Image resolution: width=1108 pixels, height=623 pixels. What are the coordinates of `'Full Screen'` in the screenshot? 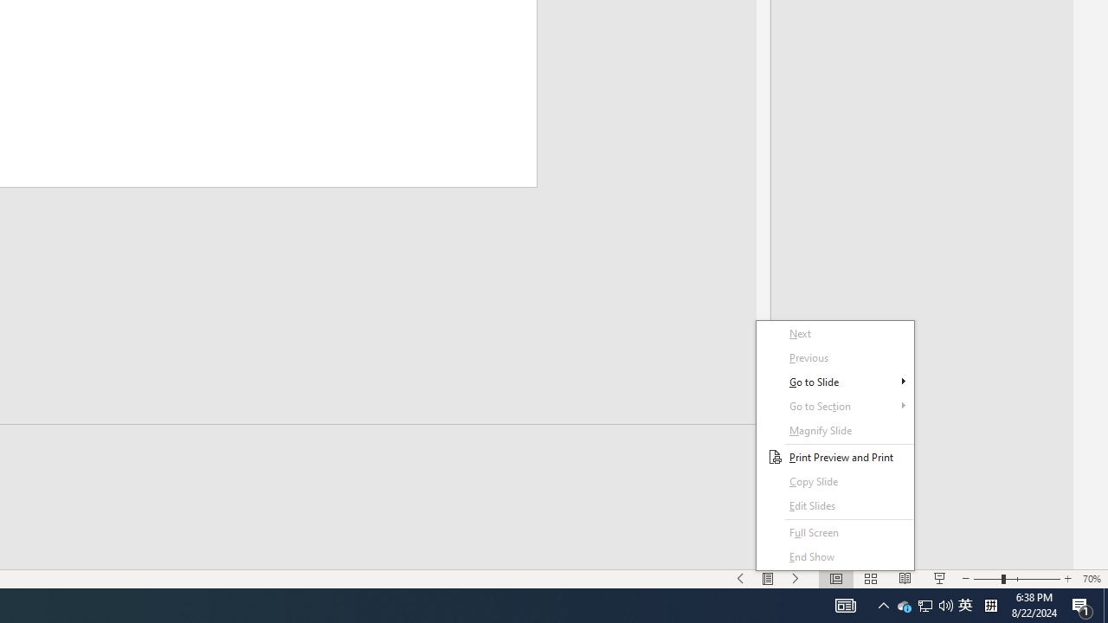 It's located at (835, 531).